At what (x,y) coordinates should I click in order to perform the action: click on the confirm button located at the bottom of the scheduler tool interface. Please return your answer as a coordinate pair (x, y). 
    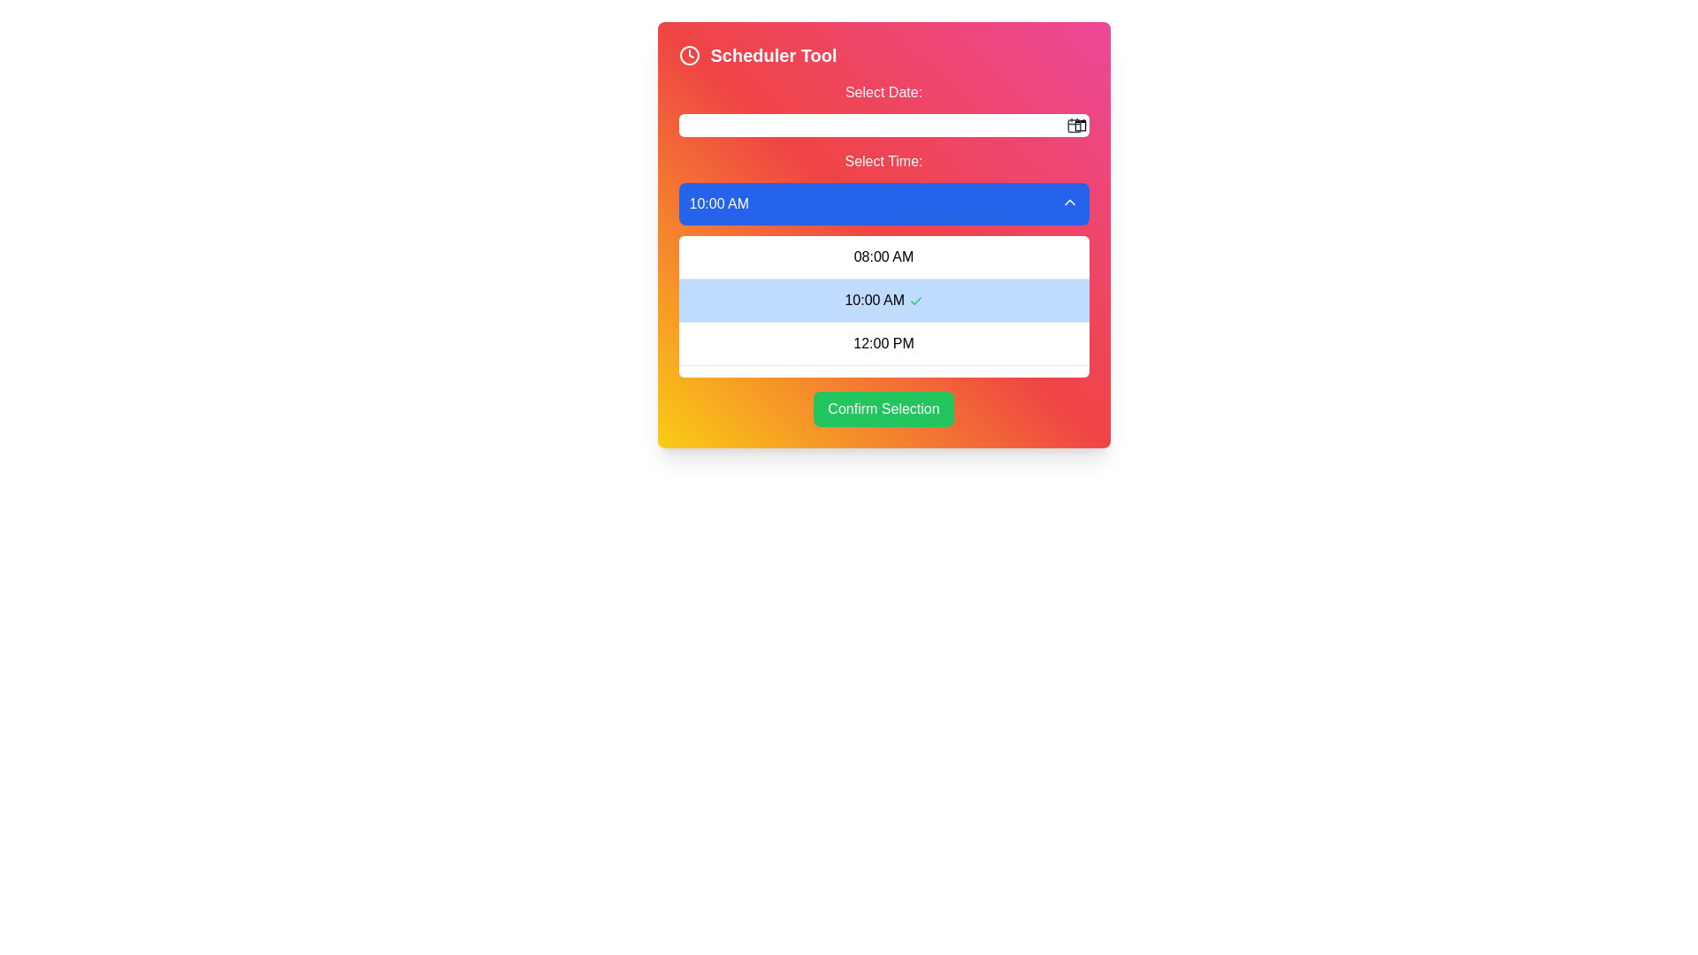
    Looking at the image, I should click on (883, 409).